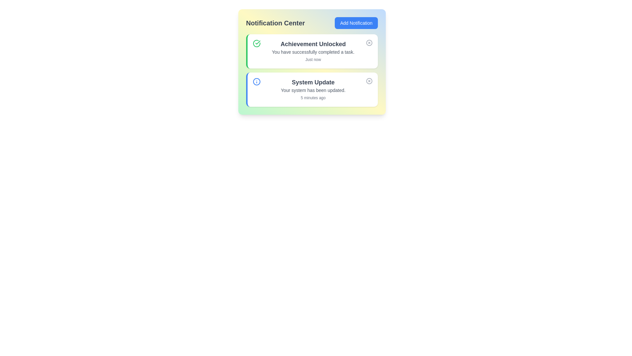 Image resolution: width=632 pixels, height=356 pixels. What do you see at coordinates (313, 52) in the screenshot?
I see `the text label displaying the message 'You have successfully completed a task.' which is positioned underneath the title 'Achievement Unlocked' and above the timestamp 'Just now.'` at bounding box center [313, 52].